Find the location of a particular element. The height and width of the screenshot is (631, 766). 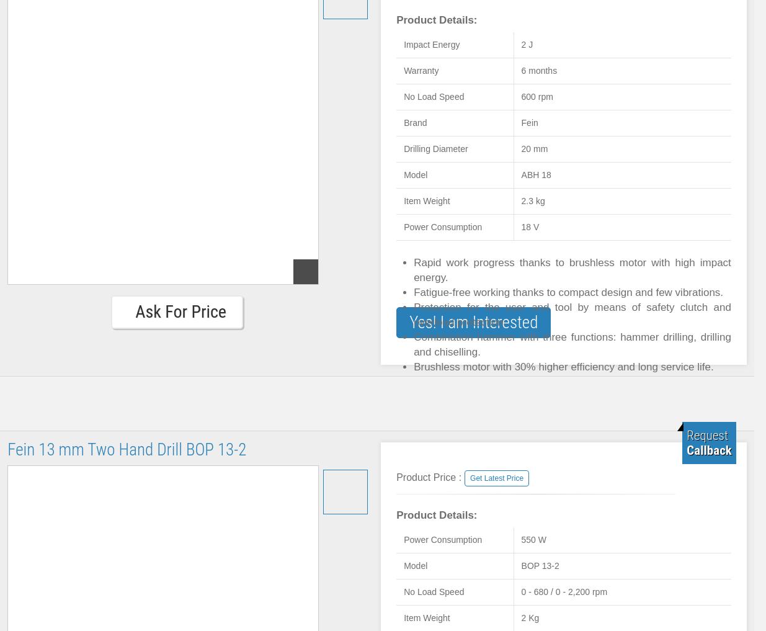

'Yes! I am Interested' is located at coordinates (409, 322).